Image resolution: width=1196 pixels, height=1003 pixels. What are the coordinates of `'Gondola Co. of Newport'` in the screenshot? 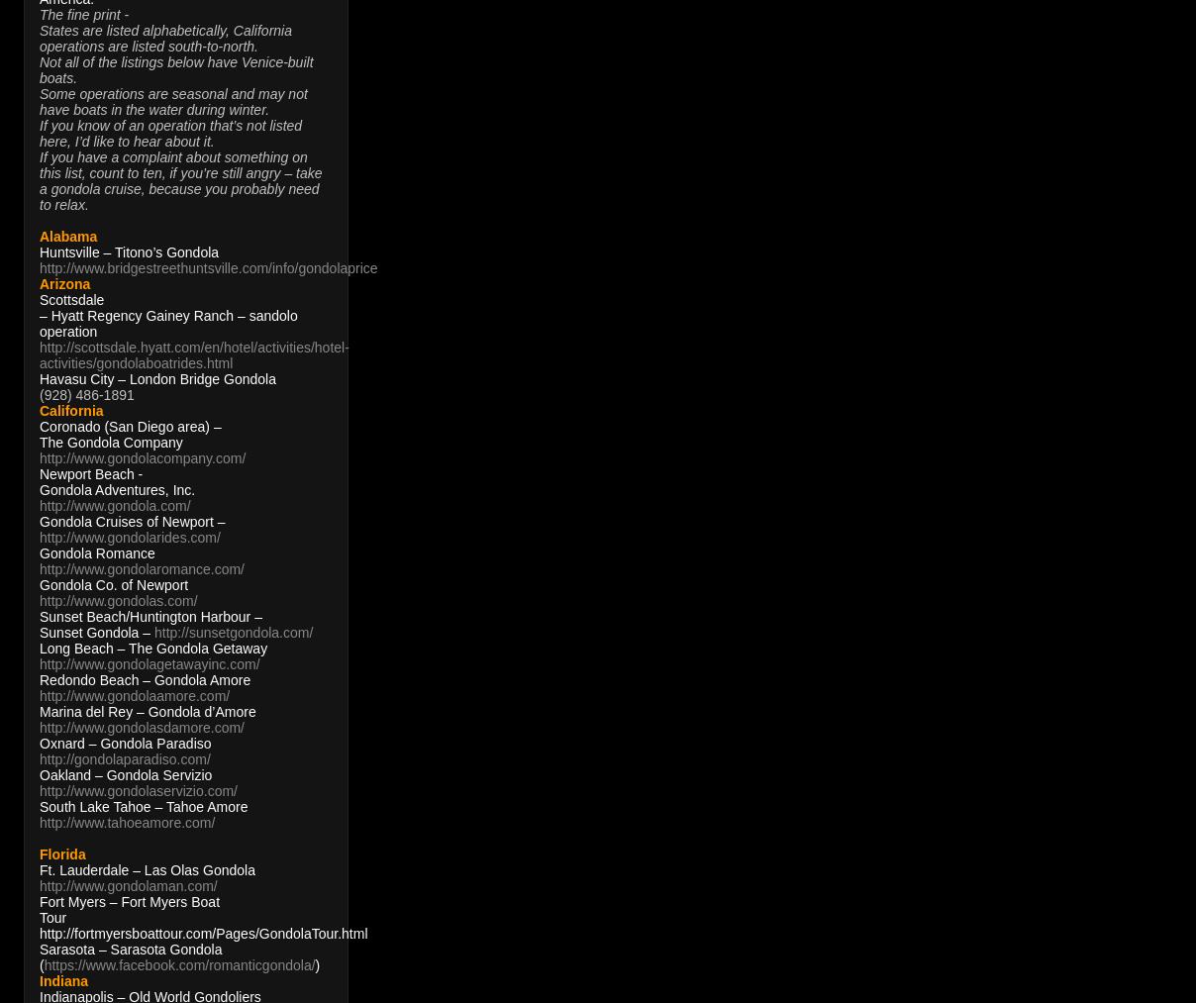 It's located at (113, 584).